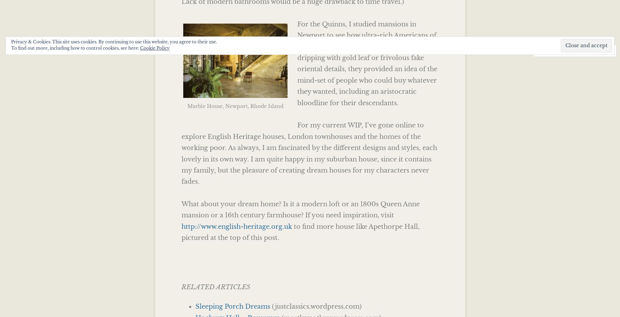 The width and height of the screenshot is (620, 317). What do you see at coordinates (300, 232) in the screenshot?
I see `'to find more house like Apethorpe Hall, pictured at the top of this post.'` at bounding box center [300, 232].